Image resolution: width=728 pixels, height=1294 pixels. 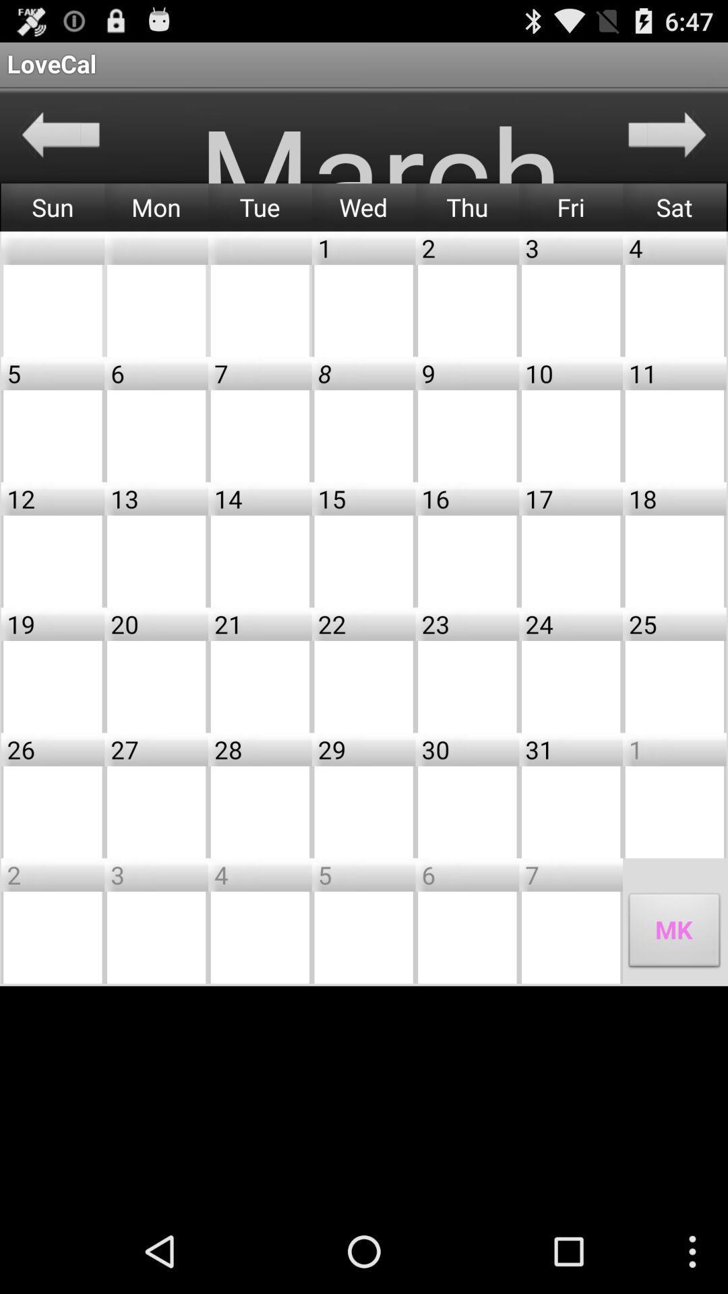 What do you see at coordinates (674, 466) in the screenshot?
I see `the minus icon` at bounding box center [674, 466].